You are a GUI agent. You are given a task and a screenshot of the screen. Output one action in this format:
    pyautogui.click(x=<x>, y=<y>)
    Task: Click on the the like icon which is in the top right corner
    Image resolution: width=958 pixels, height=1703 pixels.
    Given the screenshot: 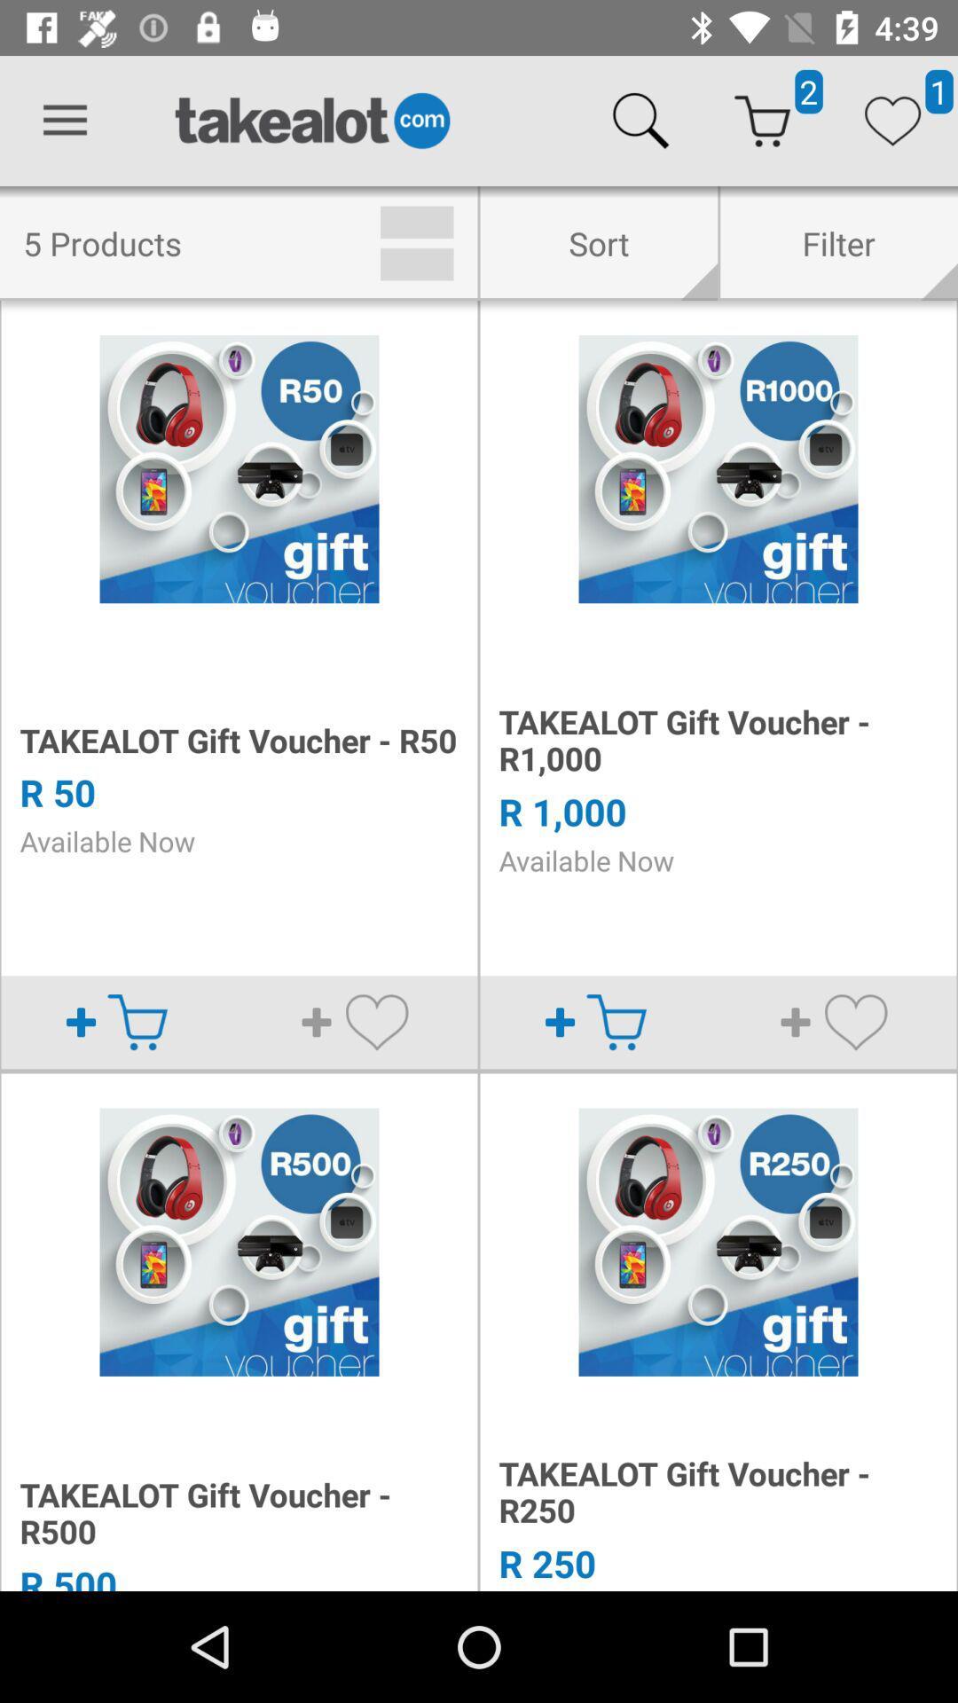 What is the action you would take?
    pyautogui.click(x=892, y=121)
    